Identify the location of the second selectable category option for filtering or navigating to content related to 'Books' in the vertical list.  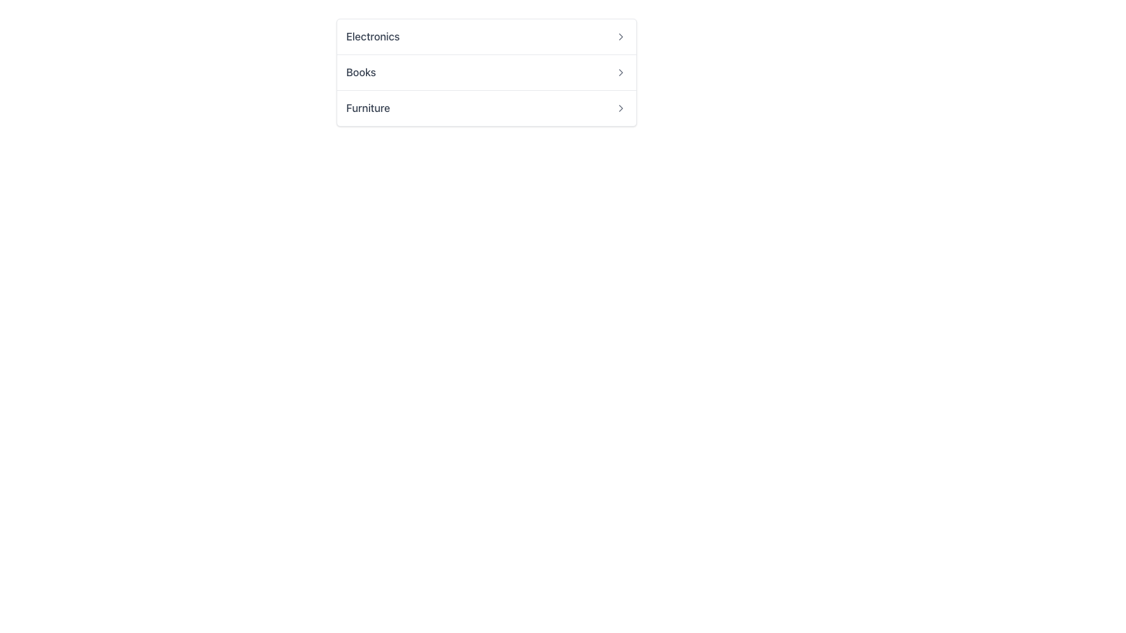
(486, 72).